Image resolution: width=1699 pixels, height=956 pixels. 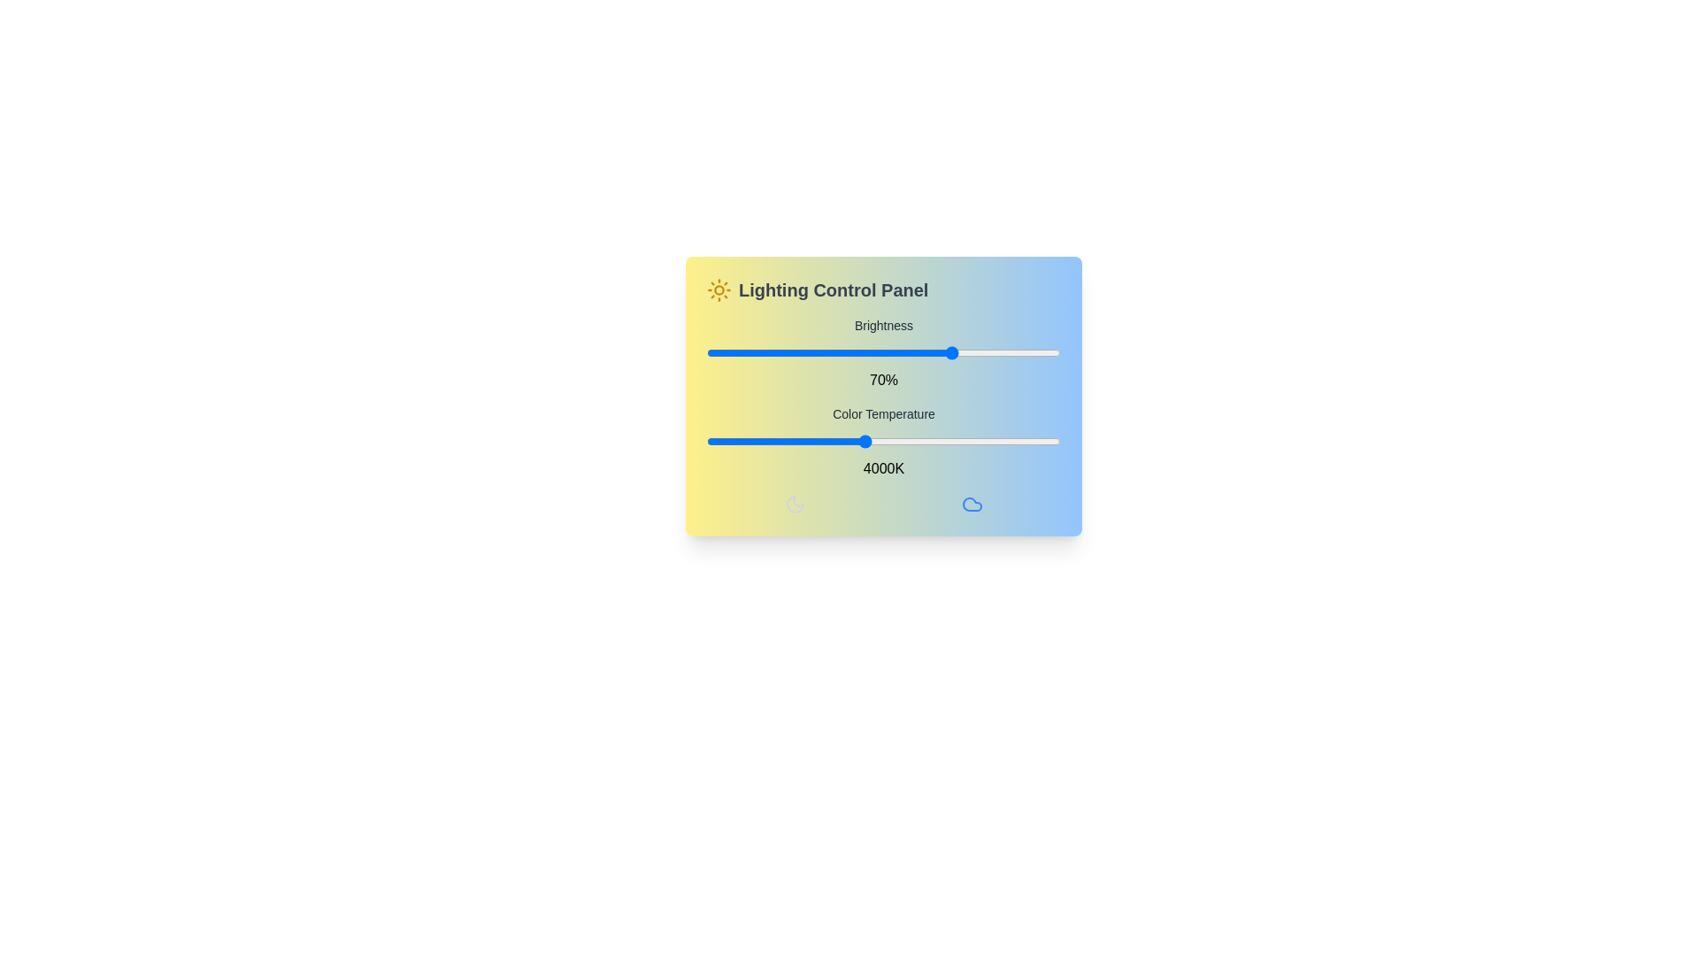 What do you see at coordinates (861, 440) in the screenshot?
I see `the color temperature slider to 3963 K` at bounding box center [861, 440].